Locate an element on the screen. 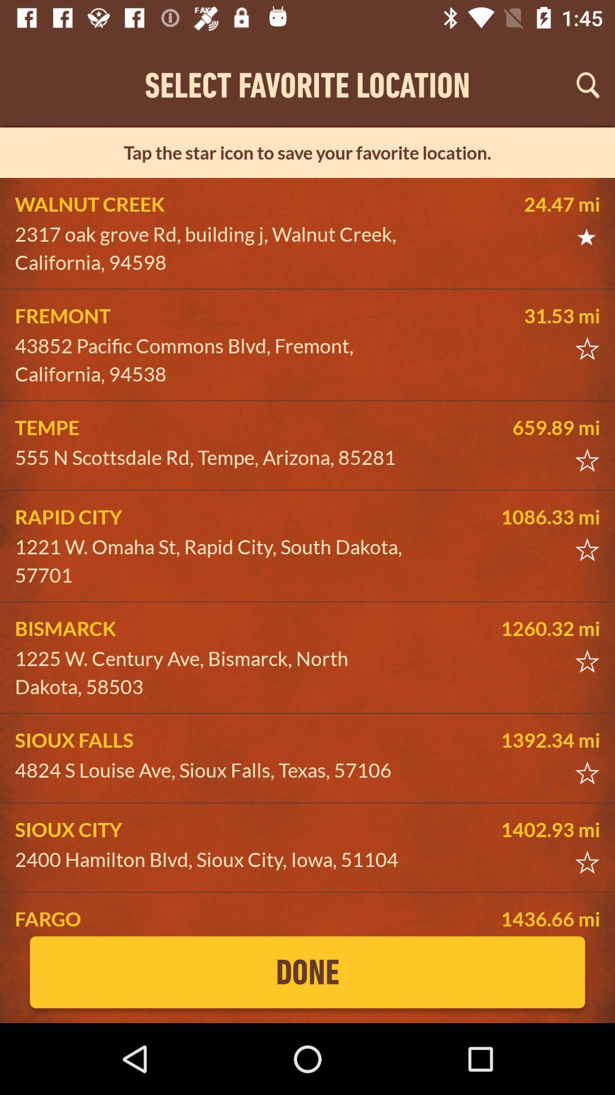 This screenshot has width=615, height=1095. the icon to the left of 24.47 mi is located at coordinates (214, 248).